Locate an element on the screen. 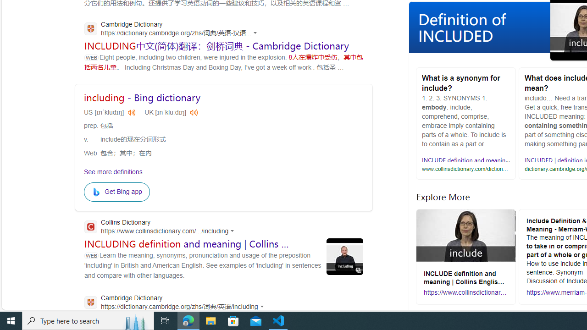 The height and width of the screenshot is (330, 587). 'Cambridge Dictionary' is located at coordinates (177, 303).